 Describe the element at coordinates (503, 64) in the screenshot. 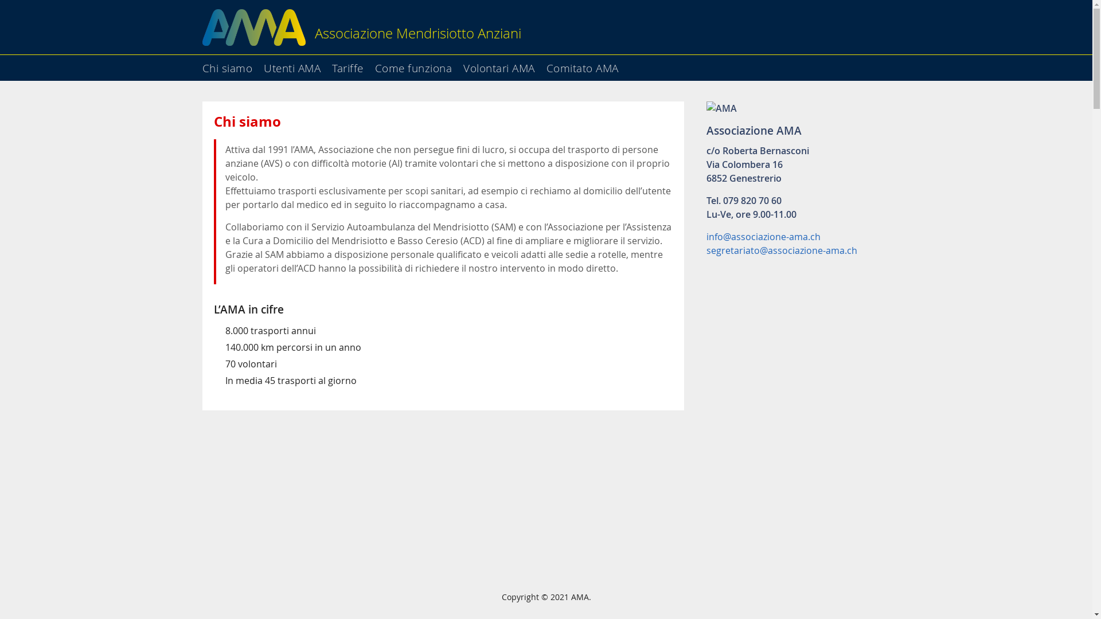

I see `'Volontari AMA'` at that location.